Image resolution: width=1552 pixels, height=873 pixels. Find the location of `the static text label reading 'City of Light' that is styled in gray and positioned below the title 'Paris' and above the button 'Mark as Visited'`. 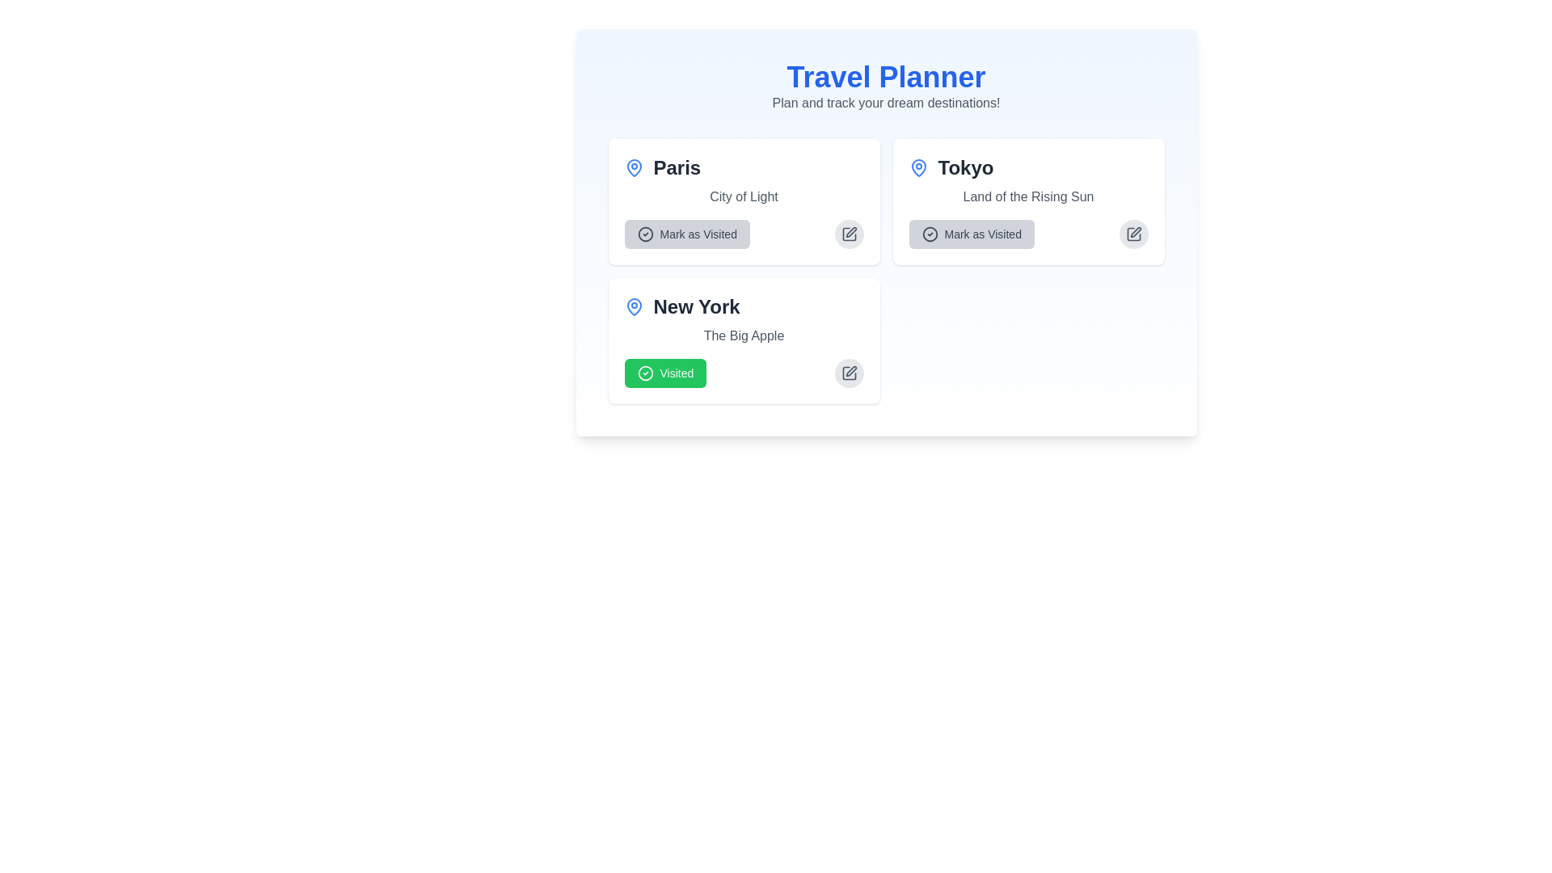

the static text label reading 'City of Light' that is styled in gray and positioned below the title 'Paris' and above the button 'Mark as Visited' is located at coordinates (743, 196).